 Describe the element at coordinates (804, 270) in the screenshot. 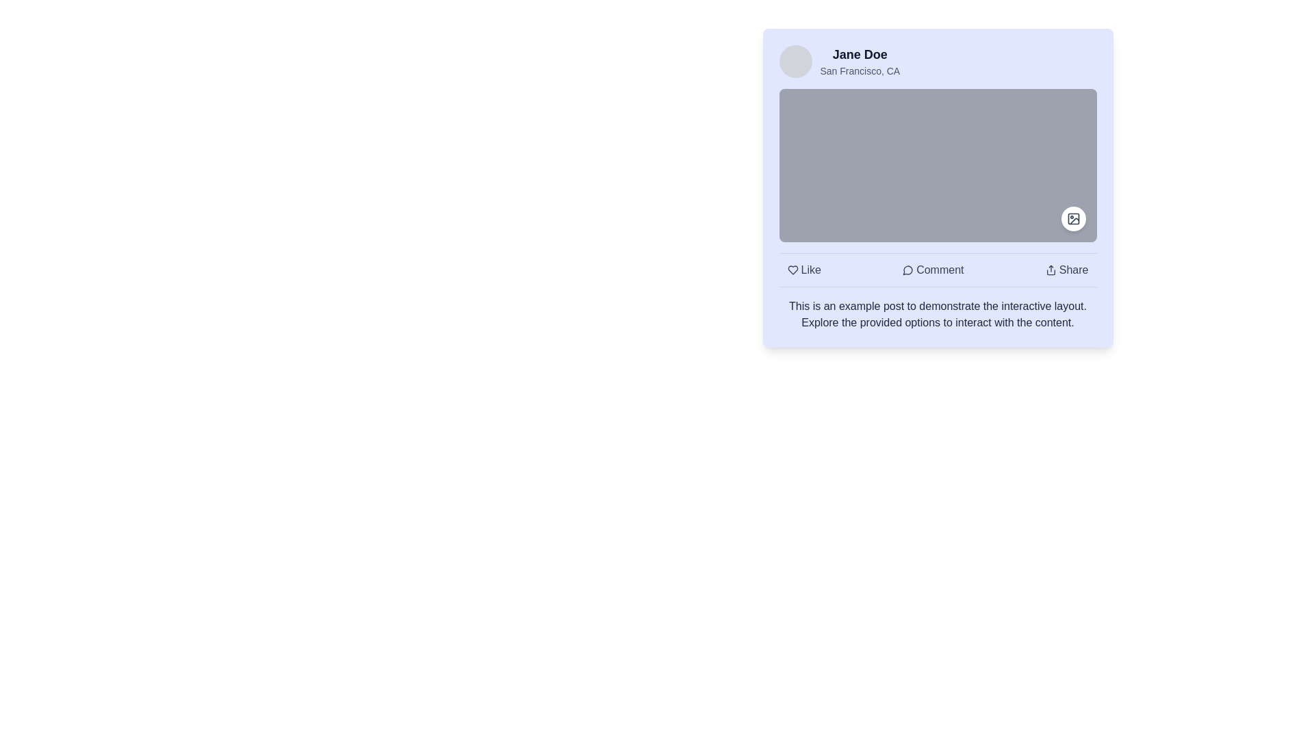

I see `the 'Like' button, which features a heart-shaped icon and the text 'Like', located at the top-left corner of the control area containing 'Like', 'Comment', and 'Share' buttons` at that location.